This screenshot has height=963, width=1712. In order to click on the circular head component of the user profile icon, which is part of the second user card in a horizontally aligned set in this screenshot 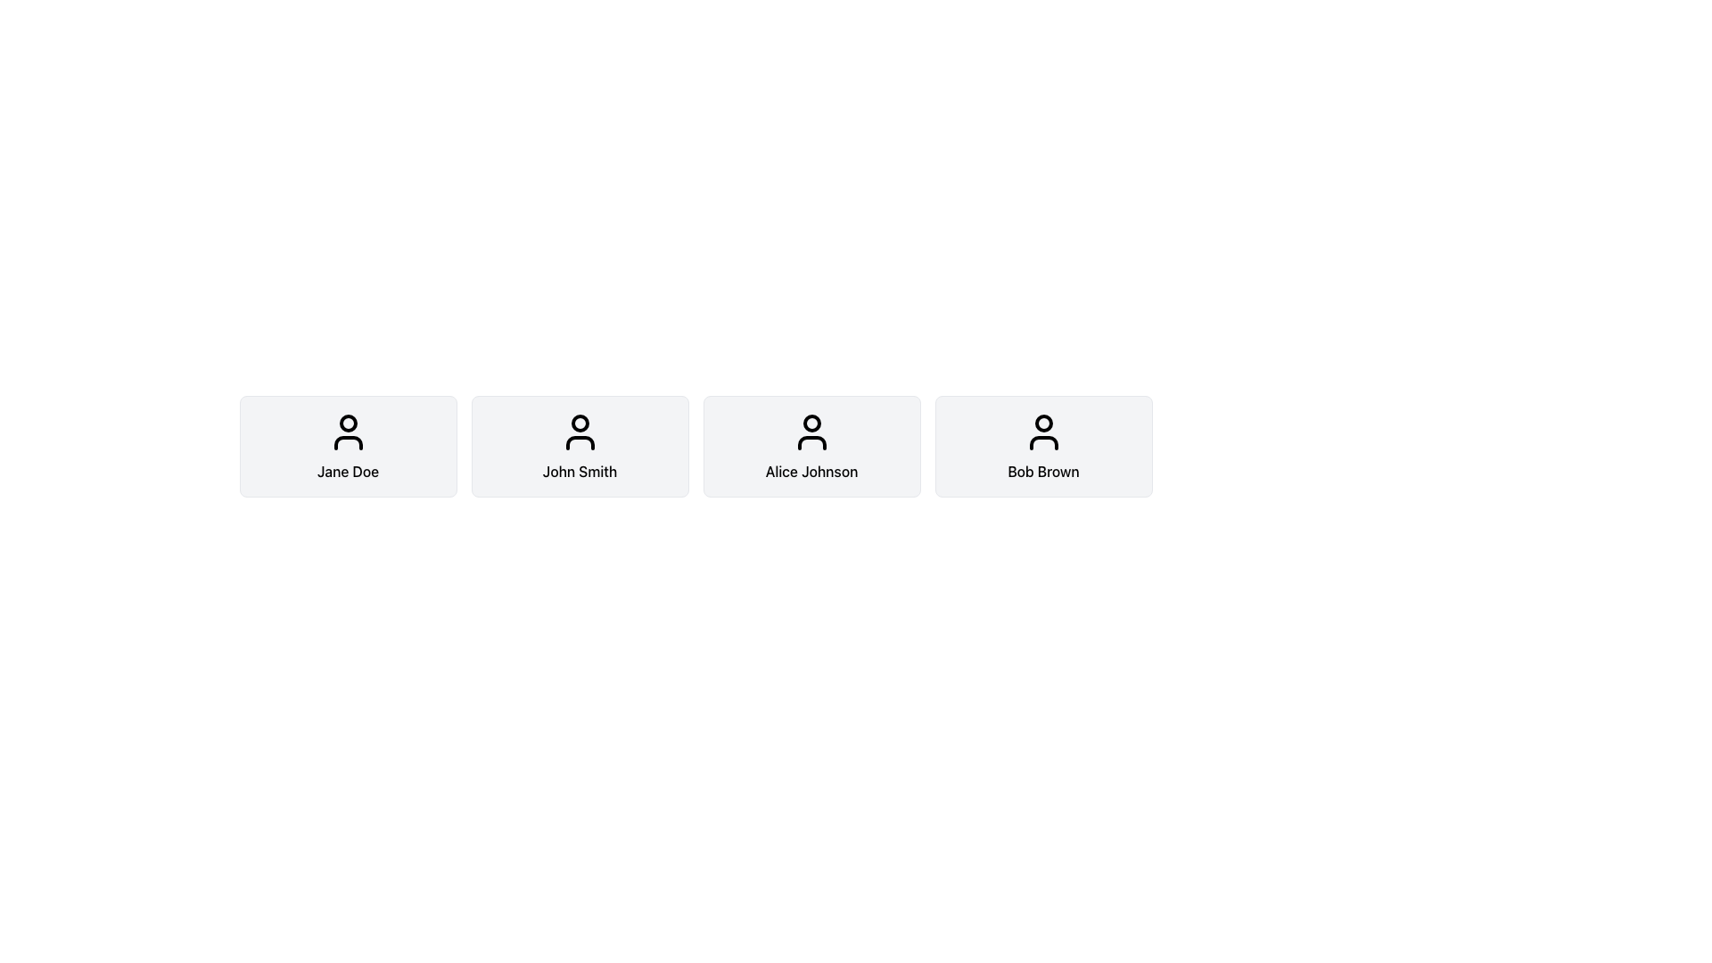, I will do `click(580, 423)`.